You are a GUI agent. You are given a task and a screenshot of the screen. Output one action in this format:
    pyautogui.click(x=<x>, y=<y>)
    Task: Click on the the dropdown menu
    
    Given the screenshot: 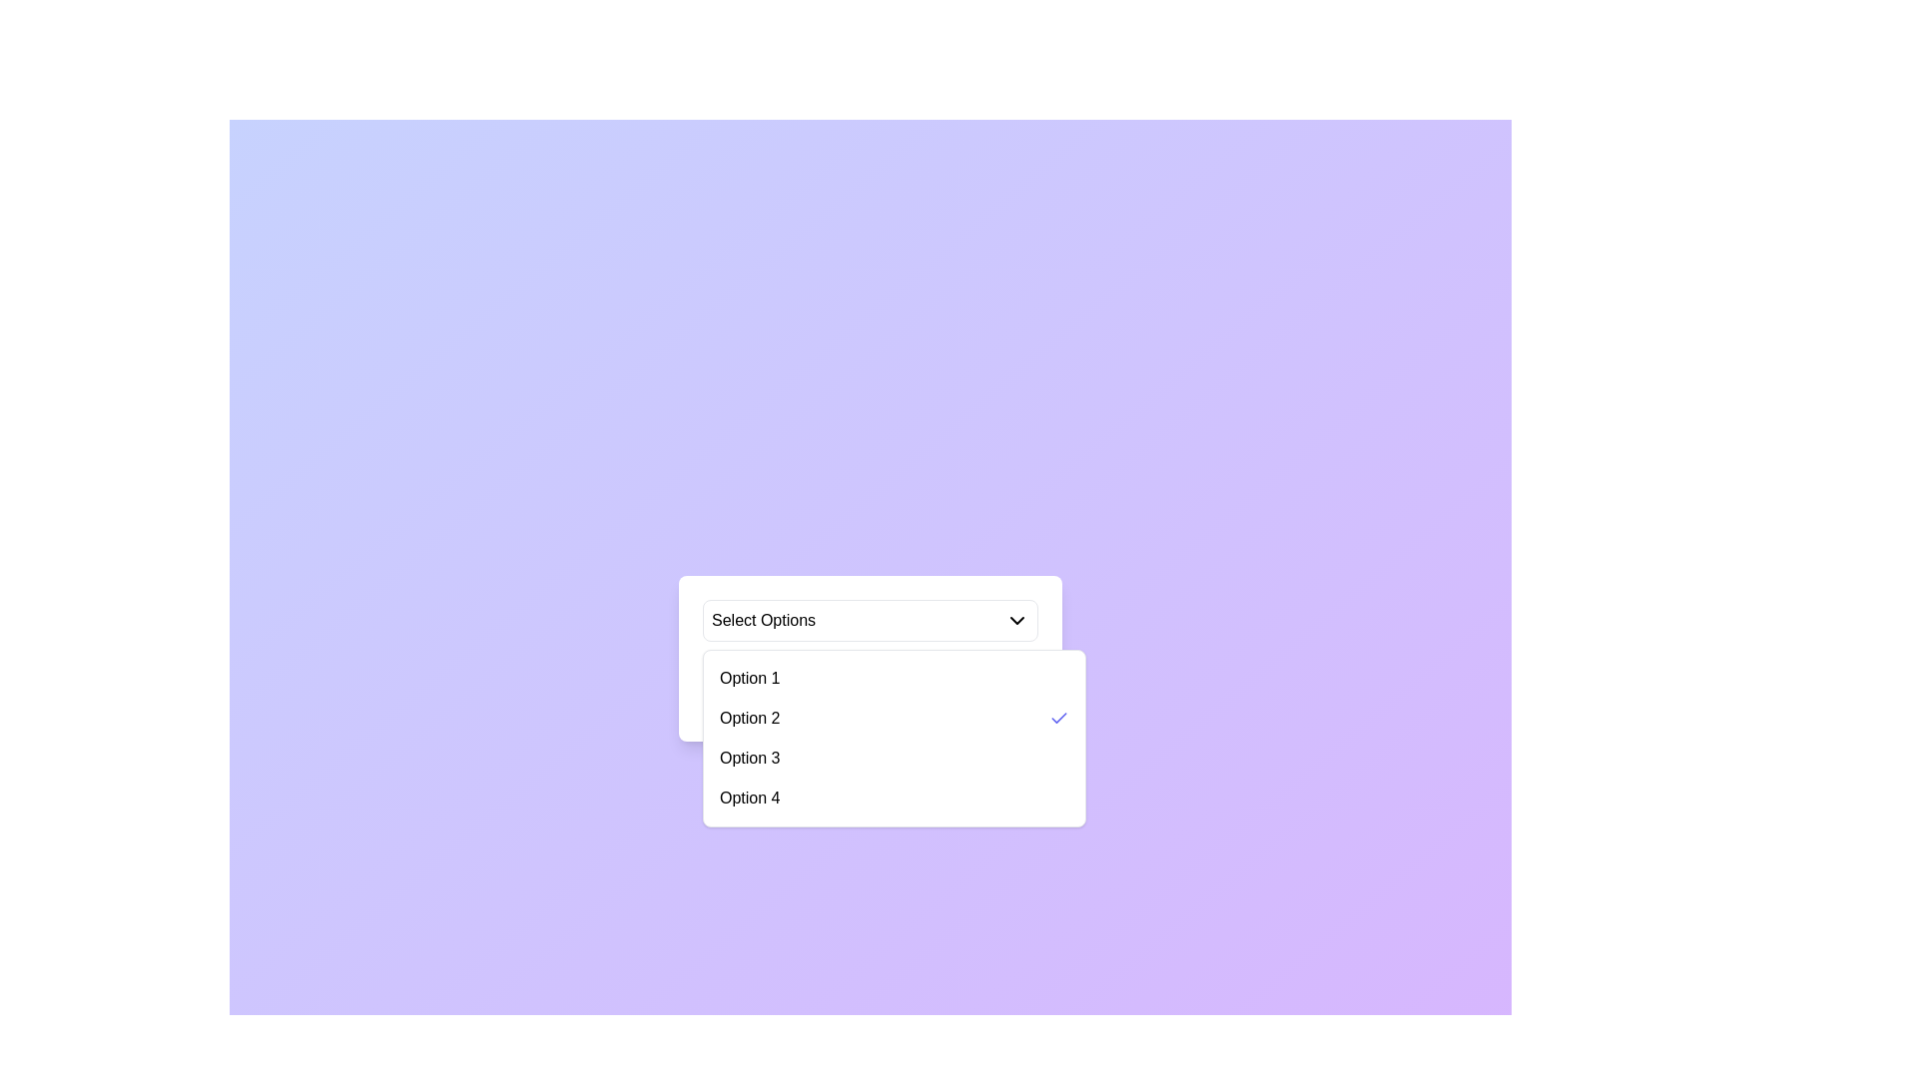 What is the action you would take?
    pyautogui.click(x=894, y=739)
    